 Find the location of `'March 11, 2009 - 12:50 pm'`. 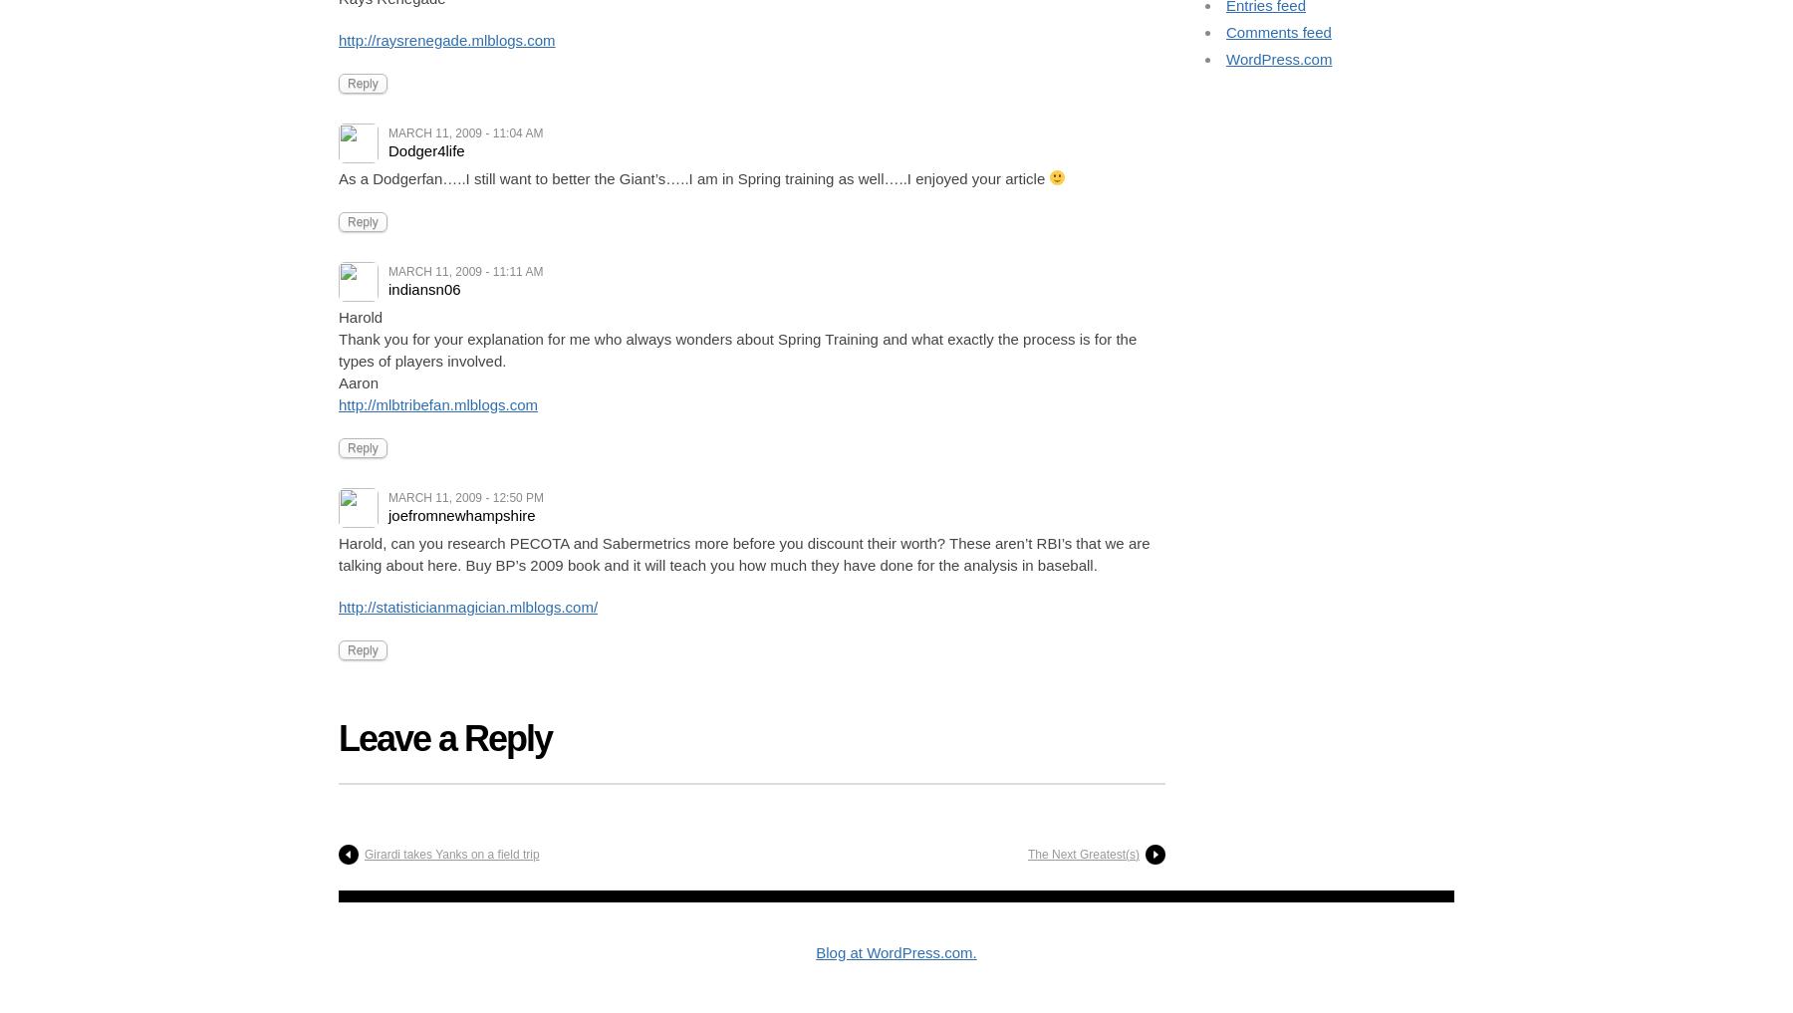

'March 11, 2009 - 12:50 pm' is located at coordinates (465, 496).